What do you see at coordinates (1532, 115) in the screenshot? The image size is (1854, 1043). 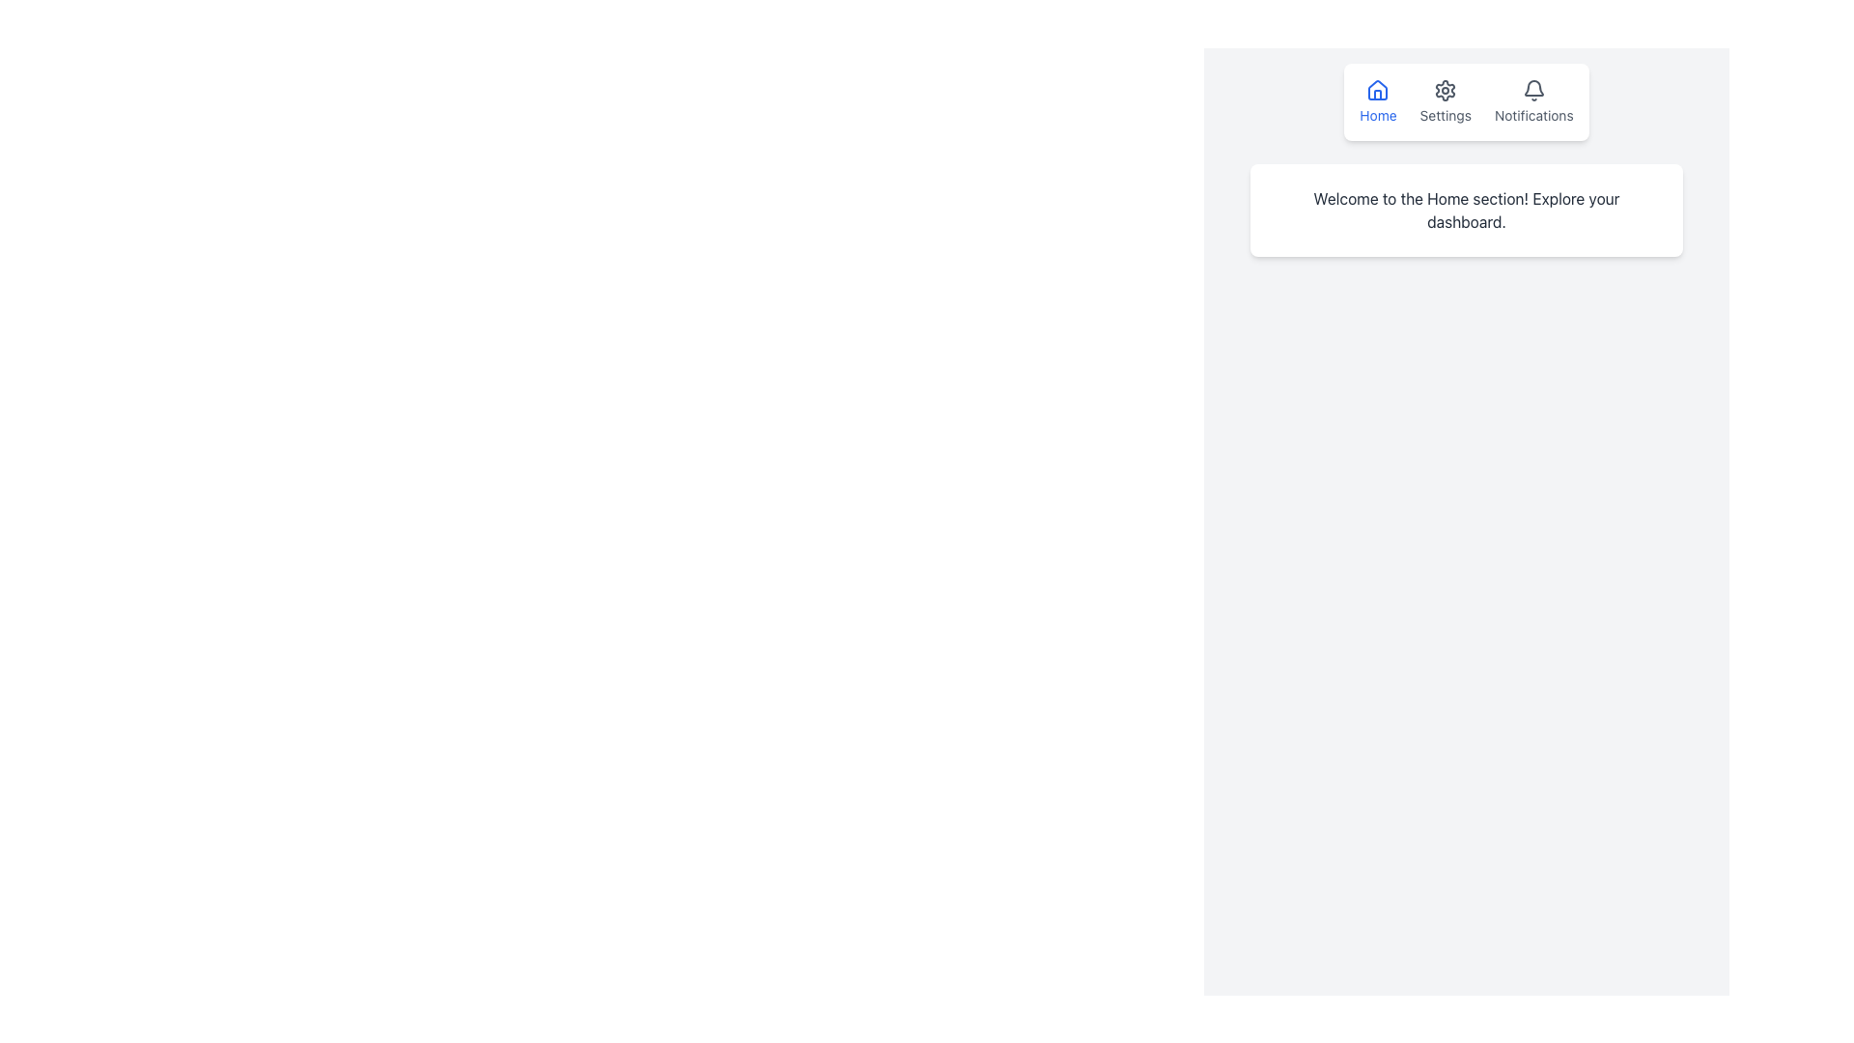 I see `the text label reading 'Notifications', which is styled with a smaller font size and light gray color, located directly below a bell icon` at bounding box center [1532, 115].